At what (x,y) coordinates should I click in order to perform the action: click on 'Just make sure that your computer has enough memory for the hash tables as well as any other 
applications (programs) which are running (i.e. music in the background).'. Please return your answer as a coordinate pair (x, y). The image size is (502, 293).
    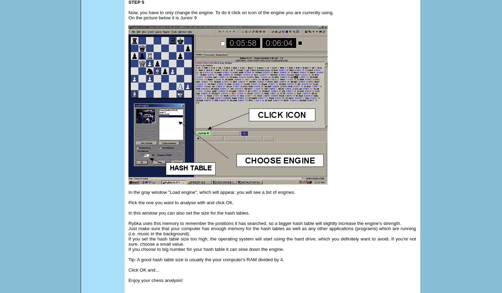
    Looking at the image, I should click on (128, 230).